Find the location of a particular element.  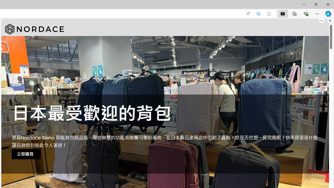

'More options.' is located at coordinates (321, 20).